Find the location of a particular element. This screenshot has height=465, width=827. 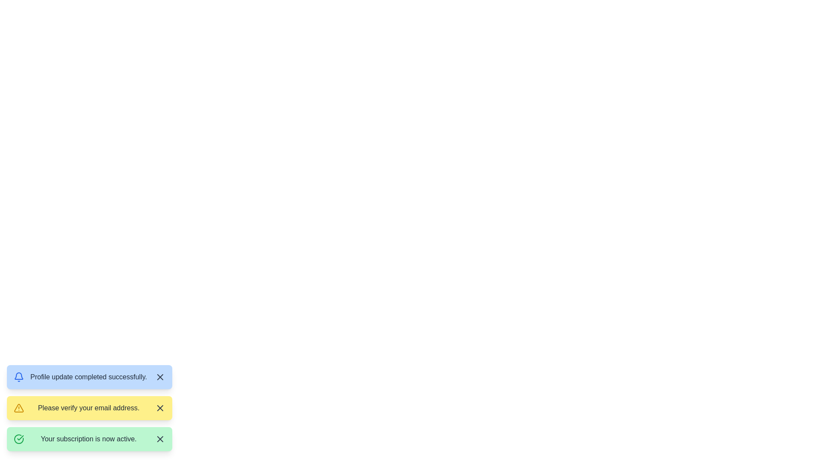

the triangular yellow warning icon with an exclamation mark, located within the yellow alert box that prompts users to verify their email address is located at coordinates (19, 408).